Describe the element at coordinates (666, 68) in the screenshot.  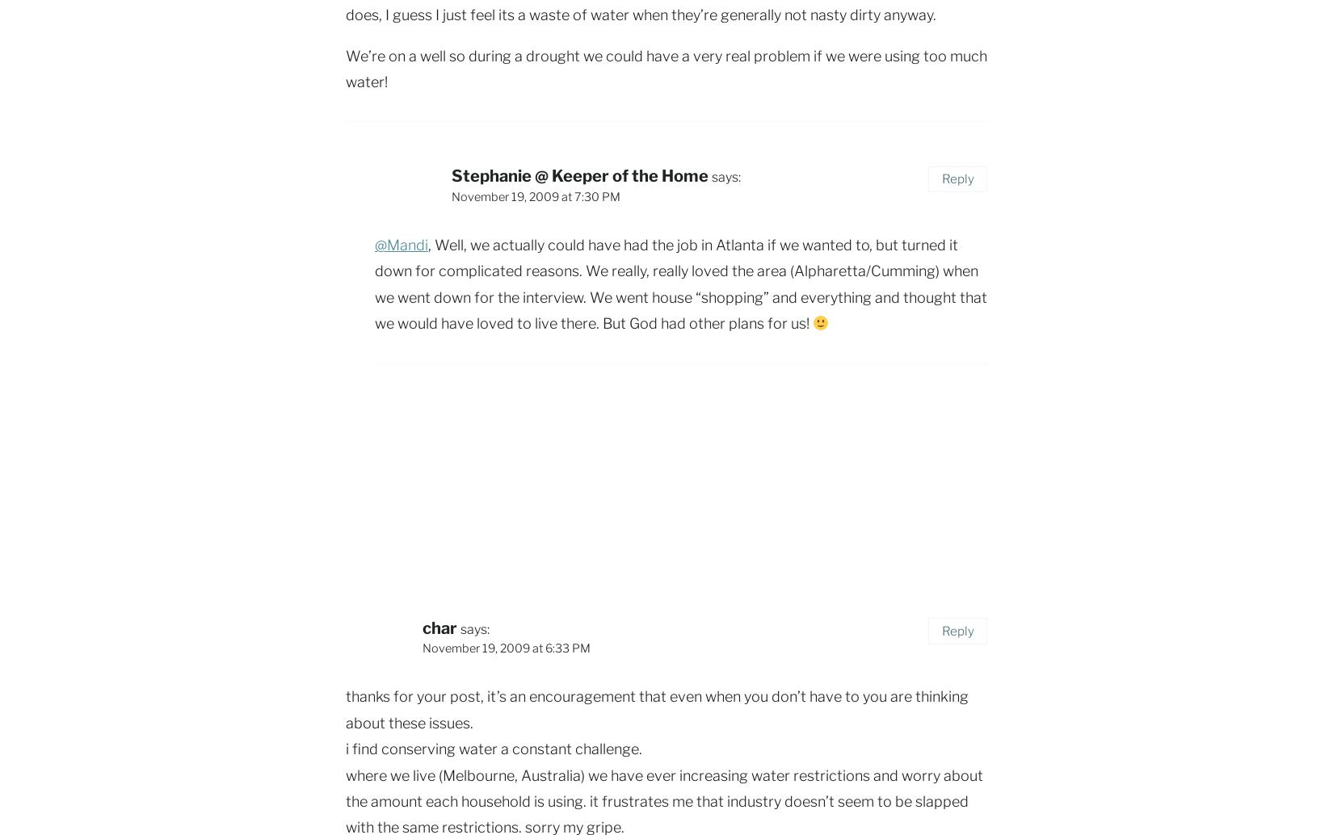
I see `'We’re on a well so during a drought we could have a very real problem if we were using too much water!'` at that location.